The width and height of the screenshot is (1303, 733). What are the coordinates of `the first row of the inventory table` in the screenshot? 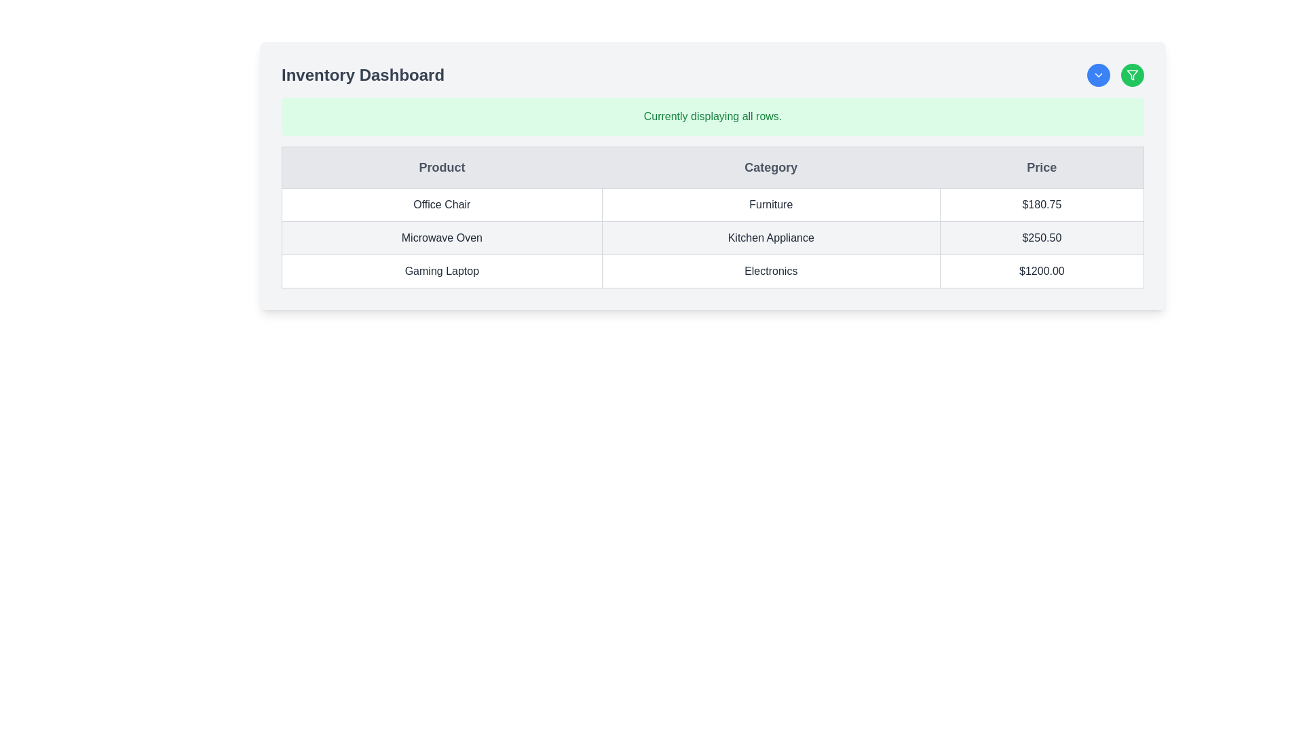 It's located at (712, 204).